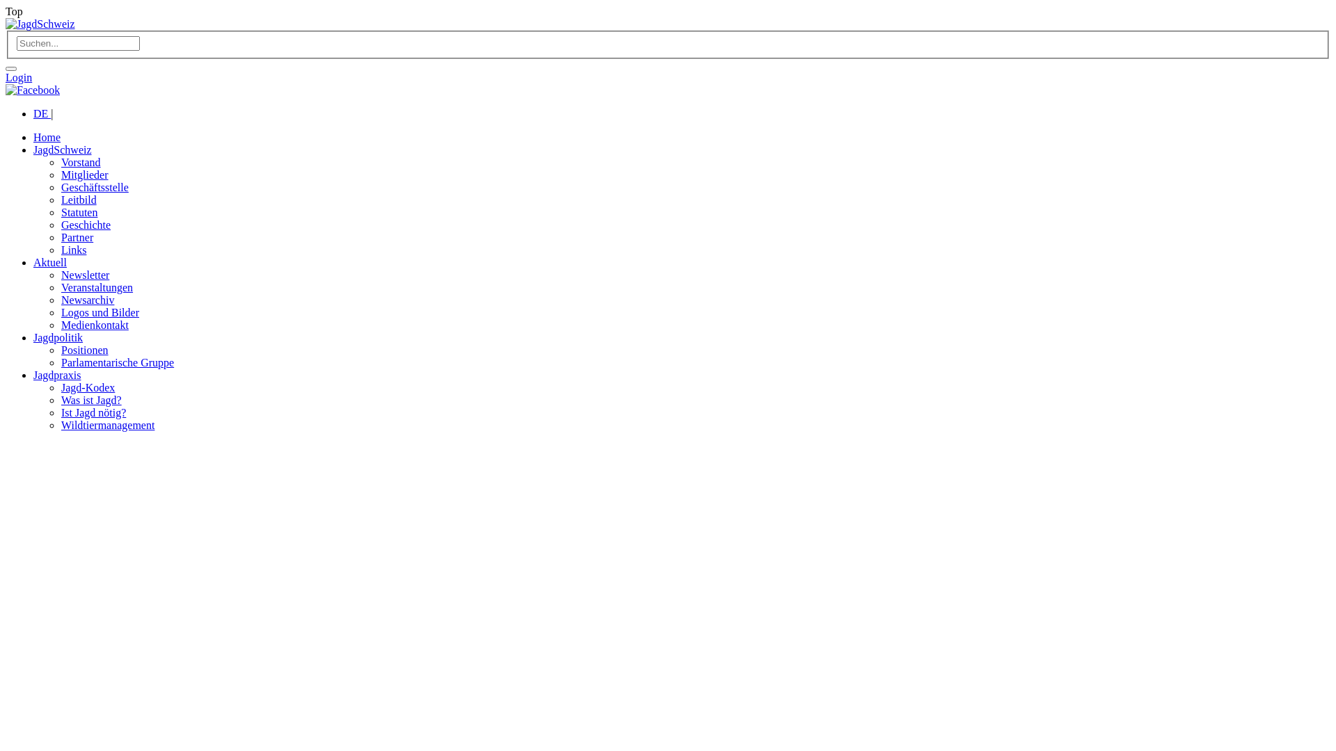 This screenshot has height=751, width=1336. What do you see at coordinates (6, 24) in the screenshot?
I see `'JagdSchweiz'` at bounding box center [6, 24].